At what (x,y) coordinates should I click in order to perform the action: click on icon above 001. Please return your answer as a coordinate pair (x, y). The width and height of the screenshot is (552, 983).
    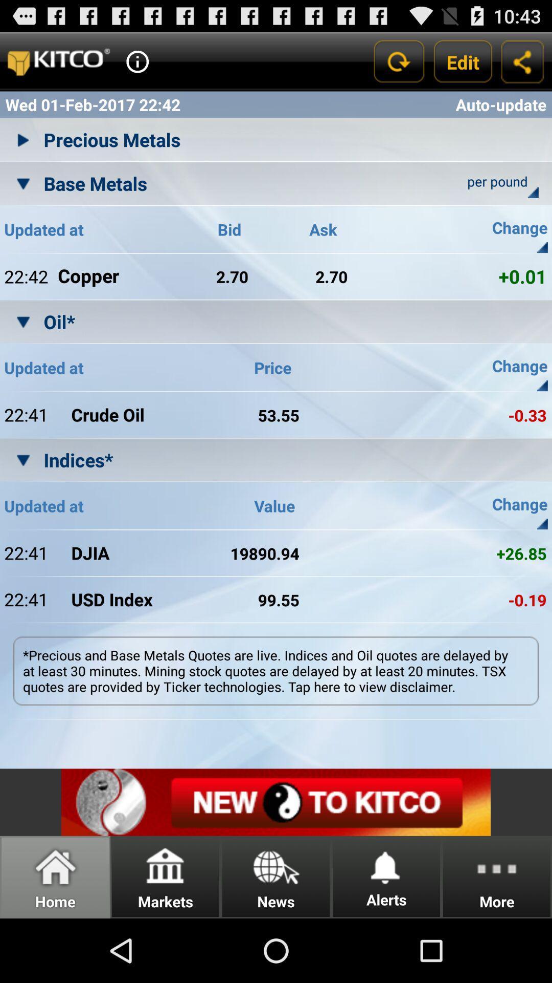
    Looking at the image, I should click on (542, 247).